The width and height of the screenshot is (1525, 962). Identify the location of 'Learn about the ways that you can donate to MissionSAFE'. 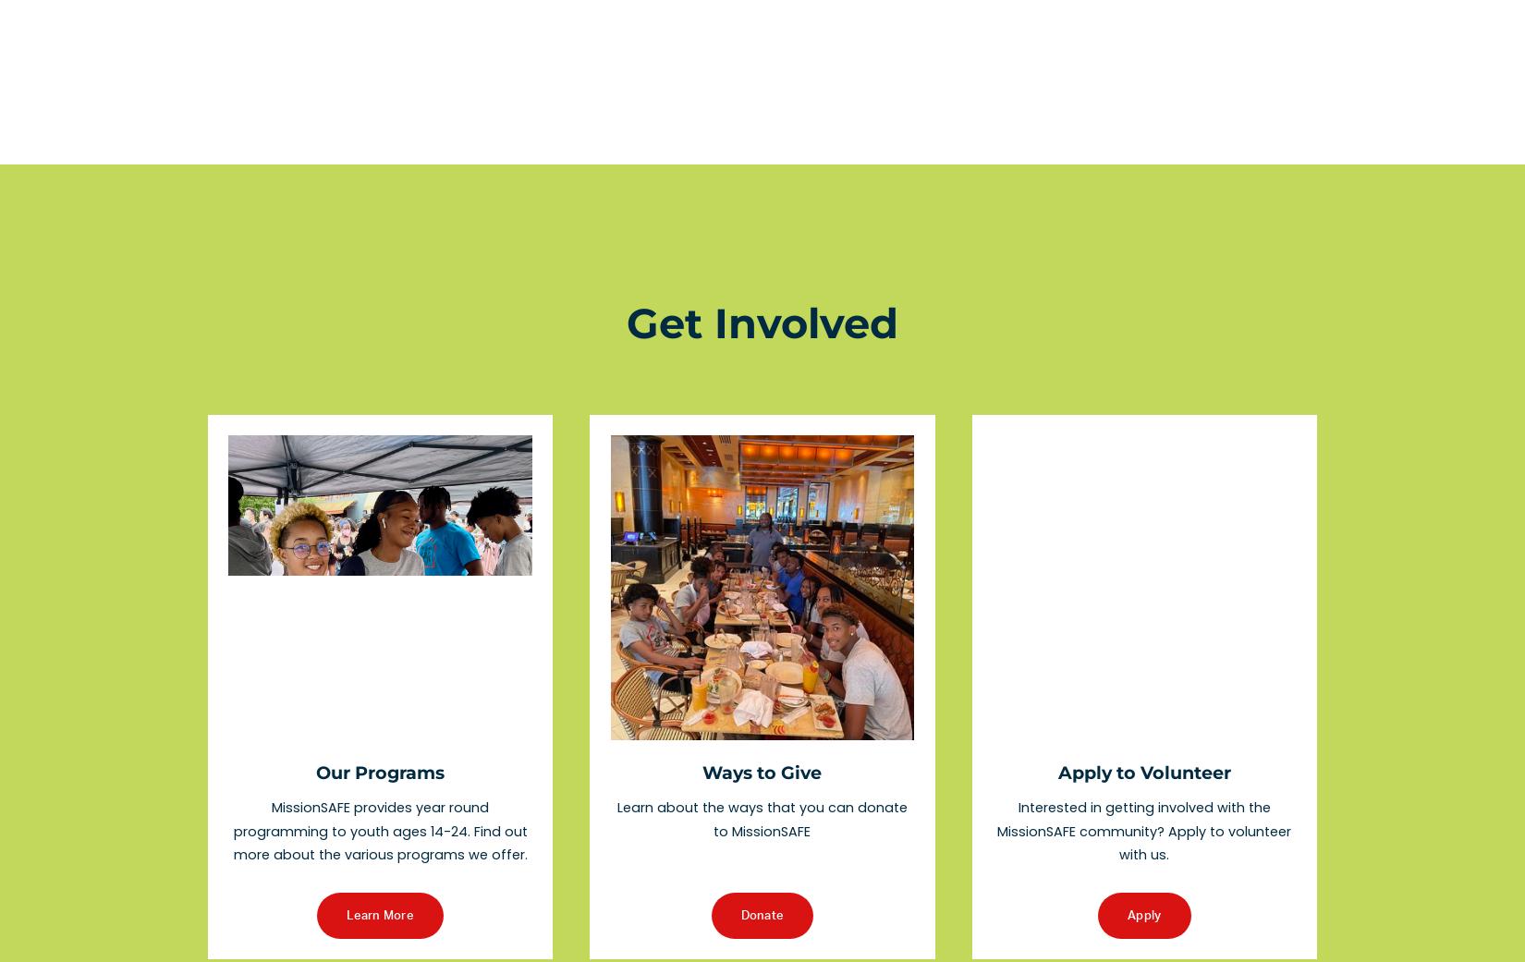
(762, 817).